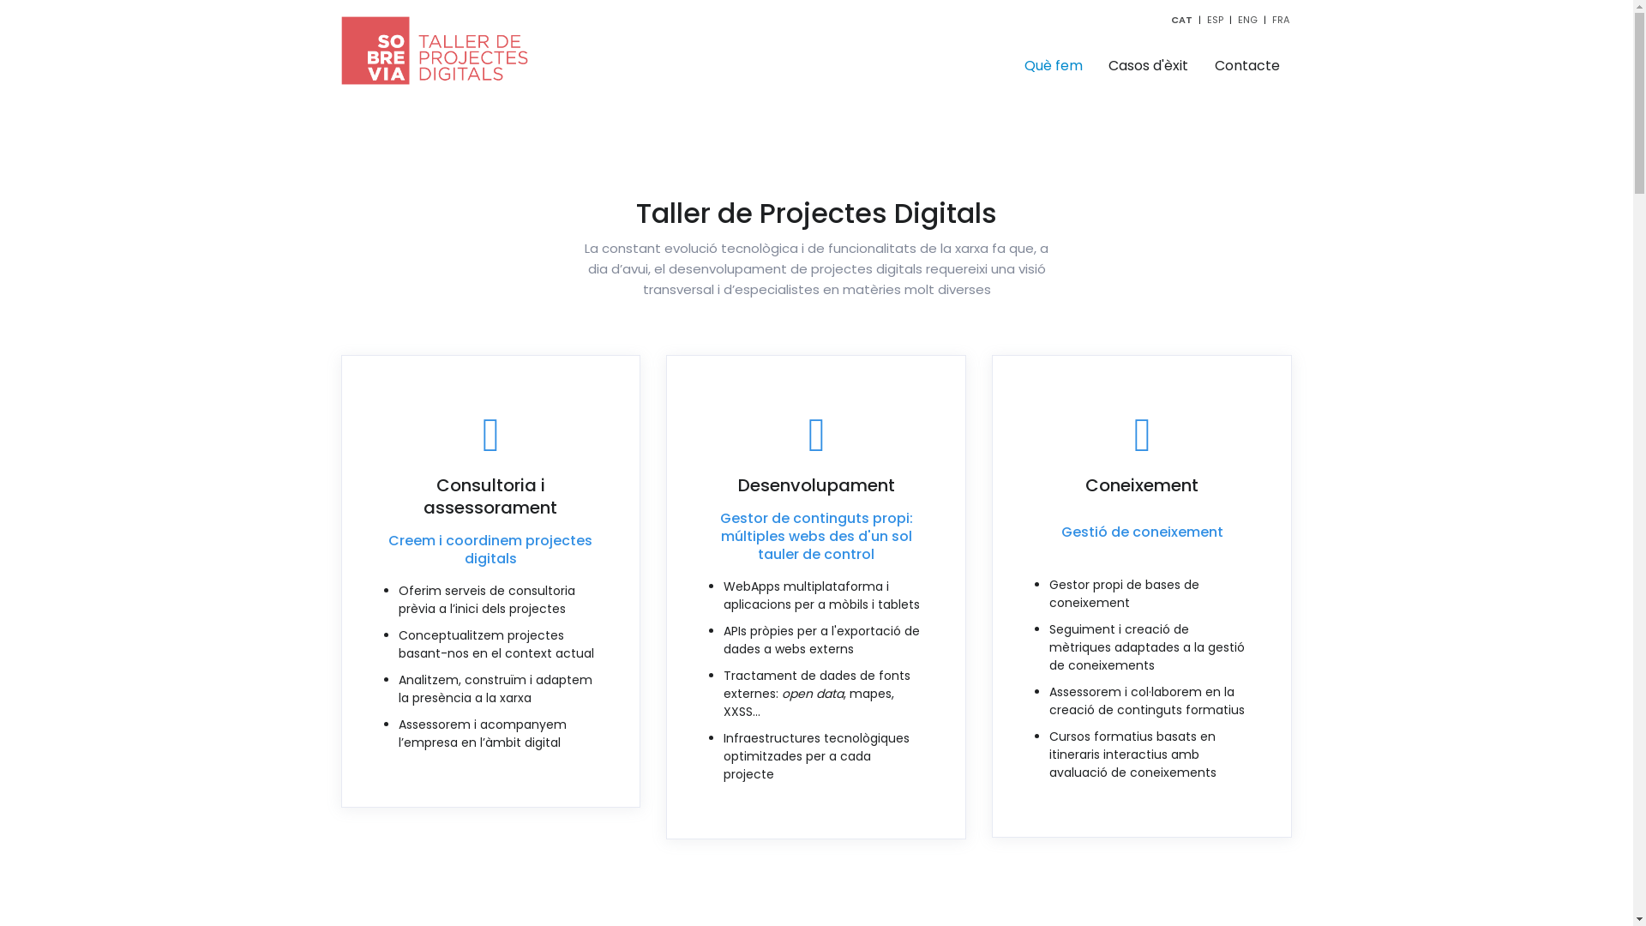 The width and height of the screenshot is (1646, 926). What do you see at coordinates (1280, 20) in the screenshot?
I see `'FRA'` at bounding box center [1280, 20].